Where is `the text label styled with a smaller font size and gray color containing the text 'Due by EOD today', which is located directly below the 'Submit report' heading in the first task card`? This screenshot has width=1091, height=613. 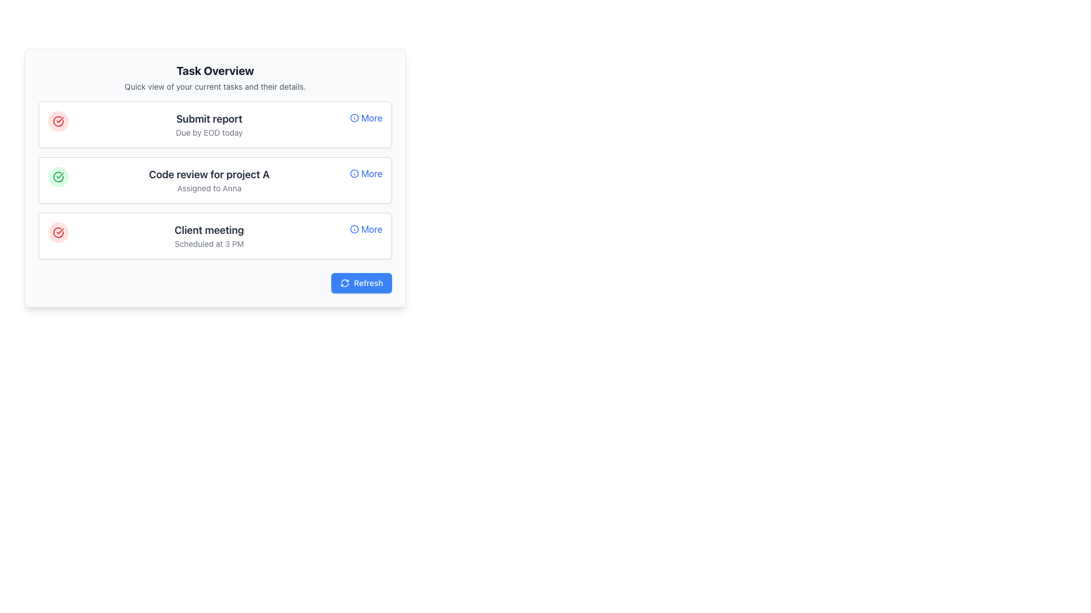 the text label styled with a smaller font size and gray color containing the text 'Due by EOD today', which is located directly below the 'Submit report' heading in the first task card is located at coordinates (209, 132).